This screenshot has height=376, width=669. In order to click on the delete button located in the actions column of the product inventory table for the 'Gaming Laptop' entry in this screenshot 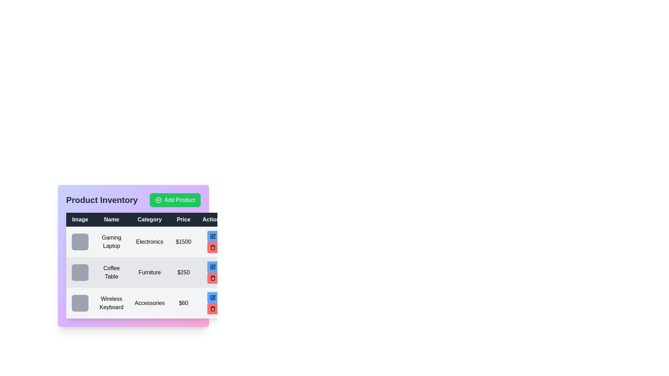, I will do `click(212, 247)`.